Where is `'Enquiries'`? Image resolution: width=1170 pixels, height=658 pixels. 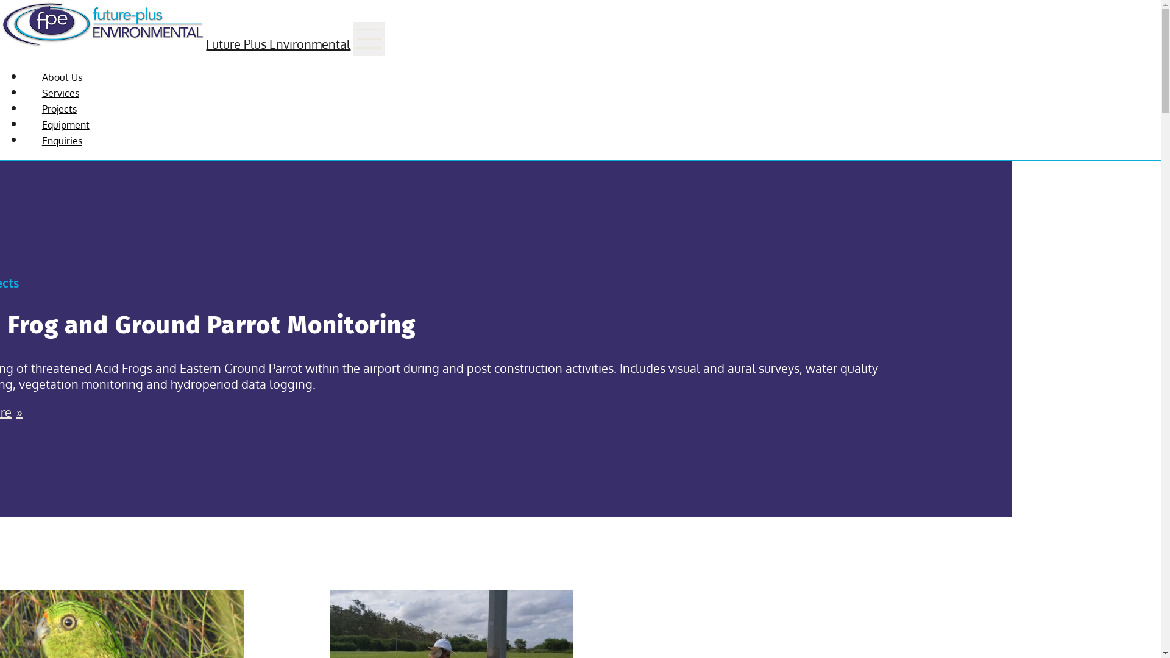
'Enquiries' is located at coordinates (61, 140).